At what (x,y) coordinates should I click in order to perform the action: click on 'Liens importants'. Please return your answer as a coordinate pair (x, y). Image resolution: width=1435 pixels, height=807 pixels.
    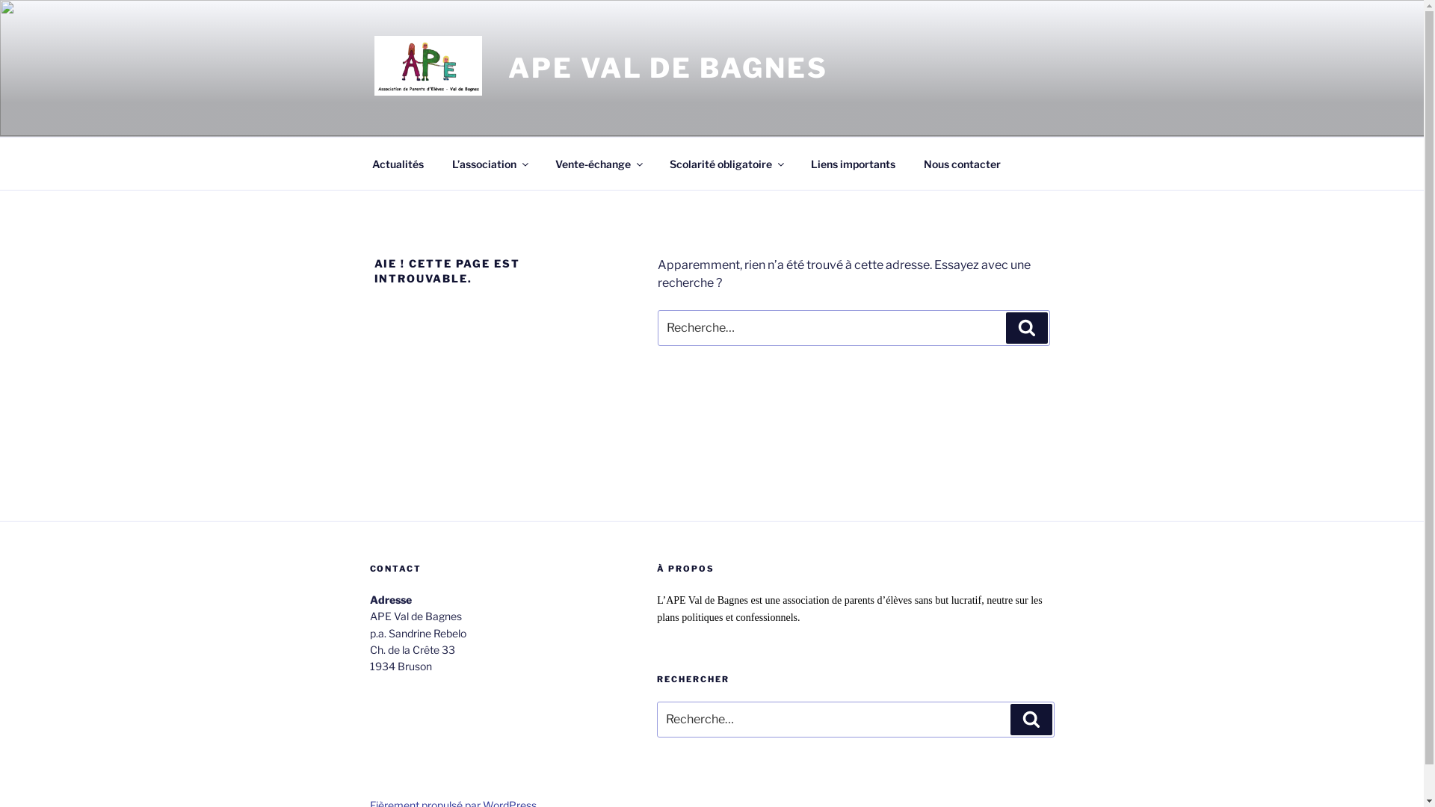
    Looking at the image, I should click on (854, 163).